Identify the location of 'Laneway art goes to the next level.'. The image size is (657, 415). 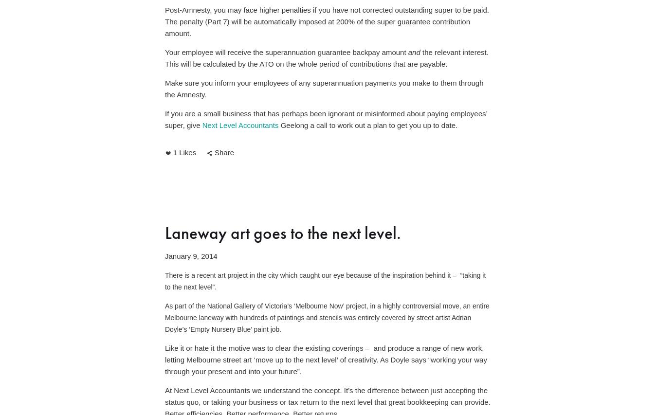
(283, 233).